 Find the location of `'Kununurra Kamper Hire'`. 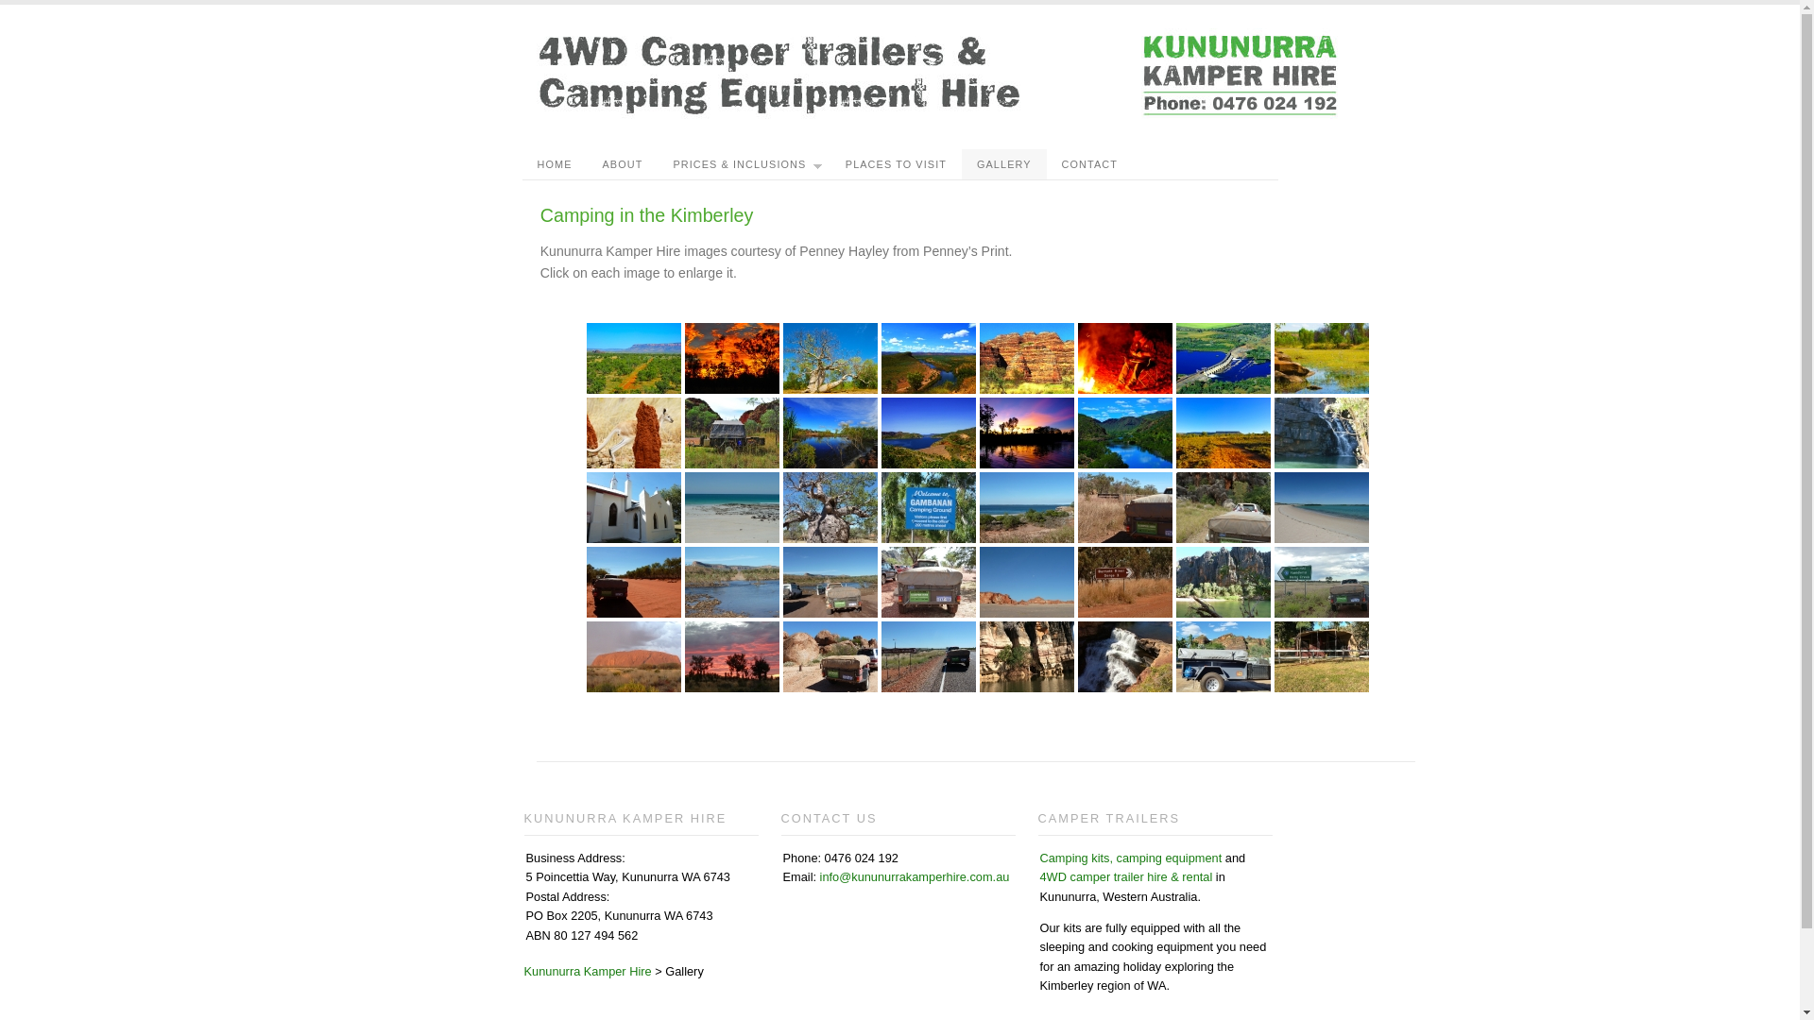

'Kununurra Kamper Hire' is located at coordinates (586, 971).